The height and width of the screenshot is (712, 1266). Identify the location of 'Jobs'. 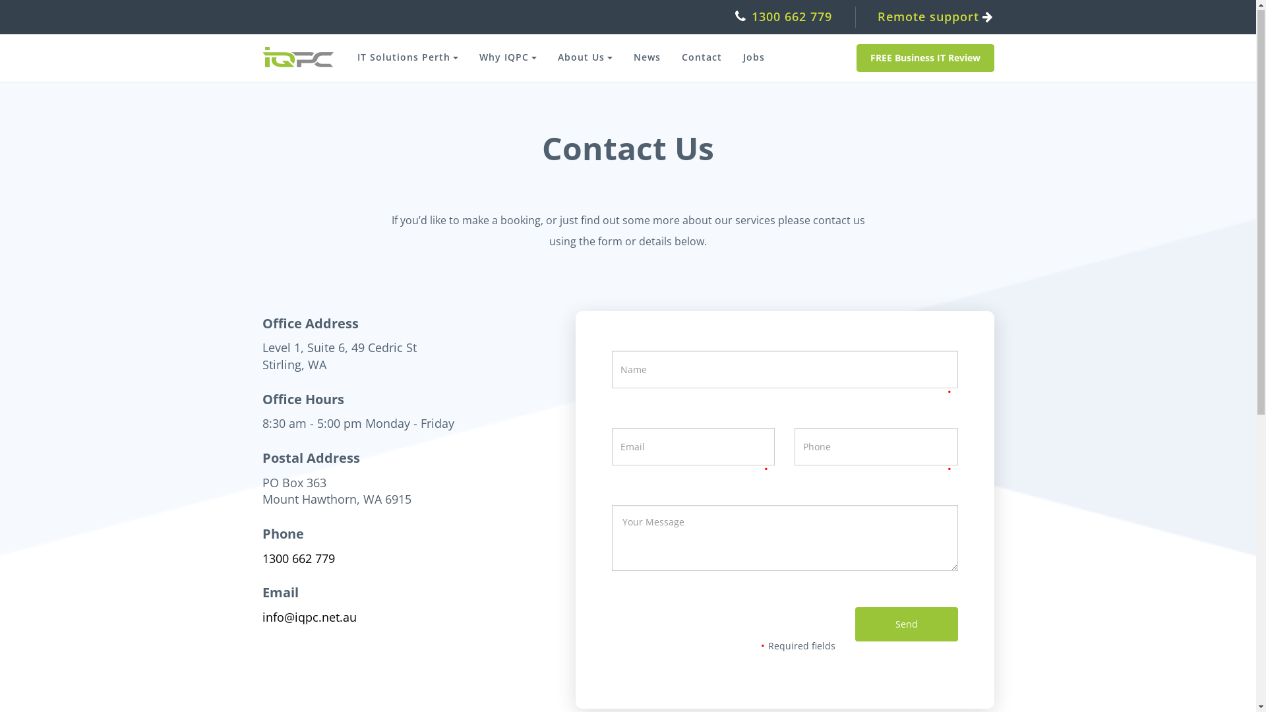
(753, 57).